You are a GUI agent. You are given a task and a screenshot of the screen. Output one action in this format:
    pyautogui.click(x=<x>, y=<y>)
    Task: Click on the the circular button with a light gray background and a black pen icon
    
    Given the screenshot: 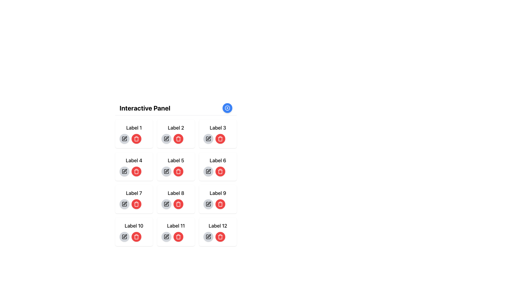 What is the action you would take?
    pyautogui.click(x=124, y=138)
    